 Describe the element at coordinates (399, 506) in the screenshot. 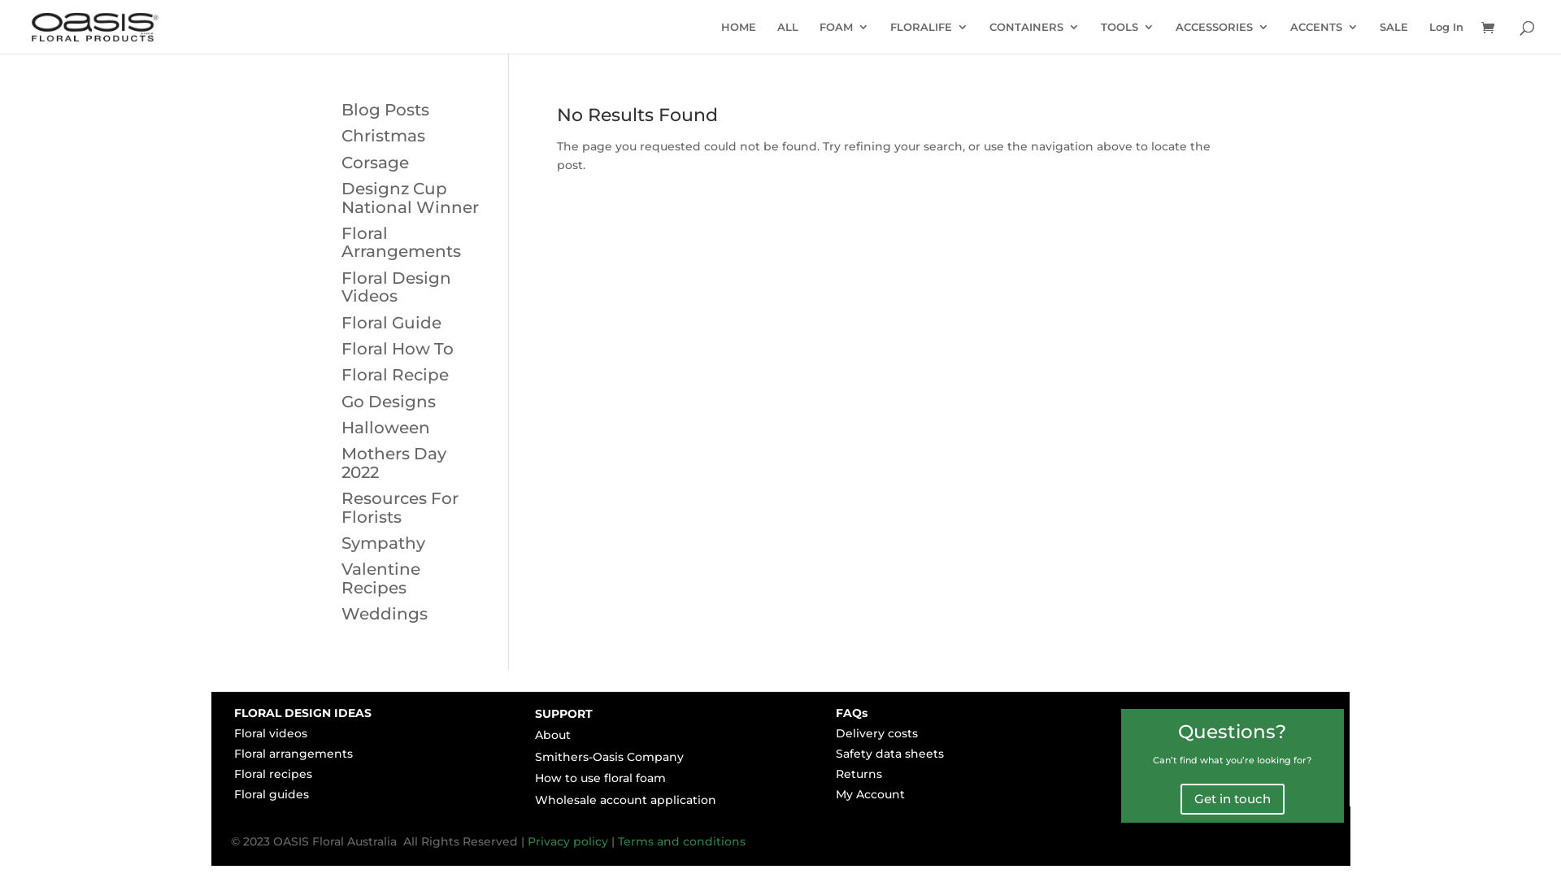

I see `'Resources For Florists'` at that location.